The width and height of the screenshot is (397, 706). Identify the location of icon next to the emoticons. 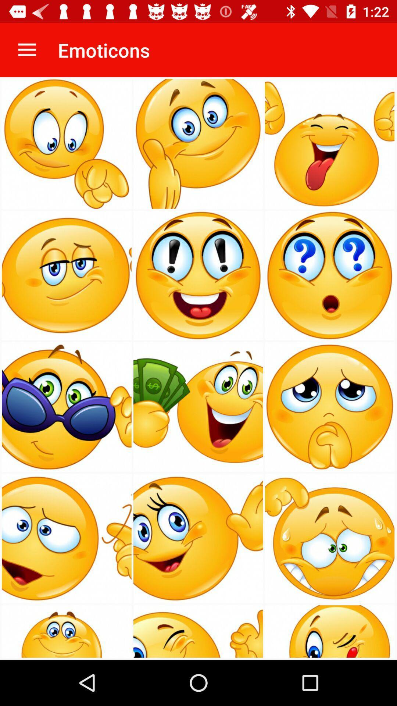
(26, 50).